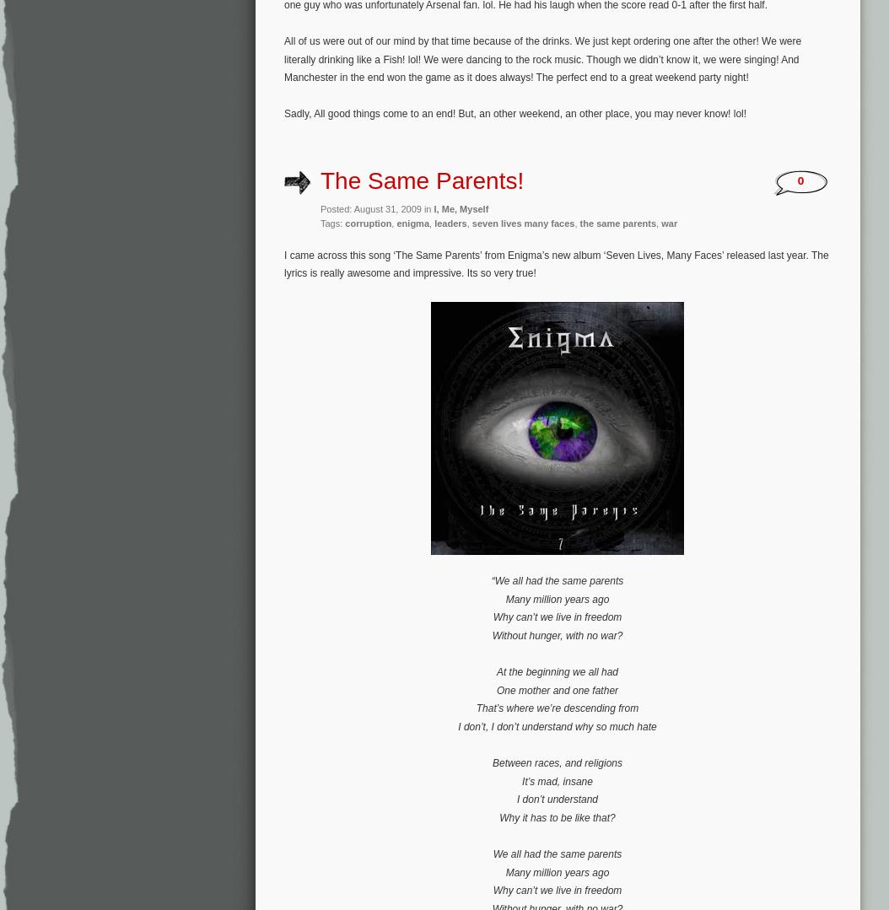 The height and width of the screenshot is (910, 889). Describe the element at coordinates (368, 223) in the screenshot. I see `'corruption'` at that location.